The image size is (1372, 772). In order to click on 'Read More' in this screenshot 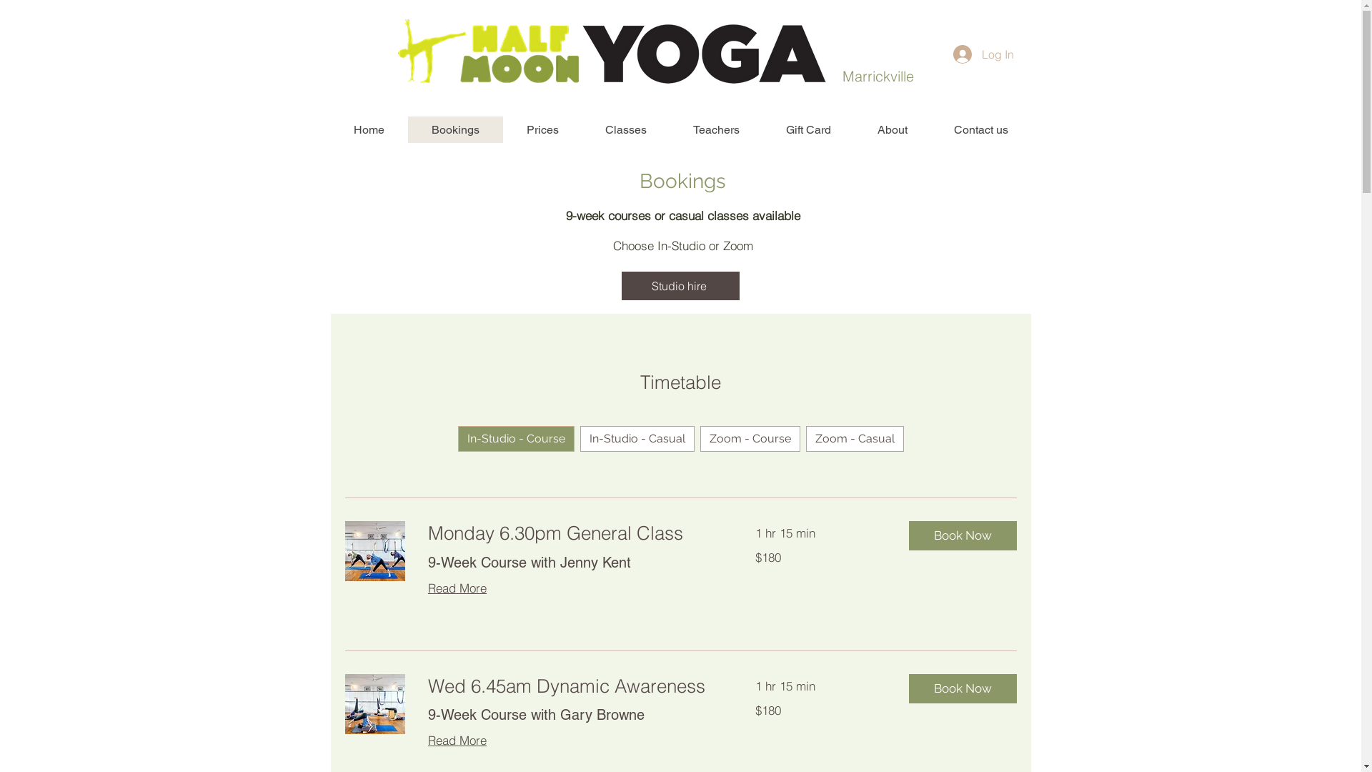, I will do `click(455, 587)`.